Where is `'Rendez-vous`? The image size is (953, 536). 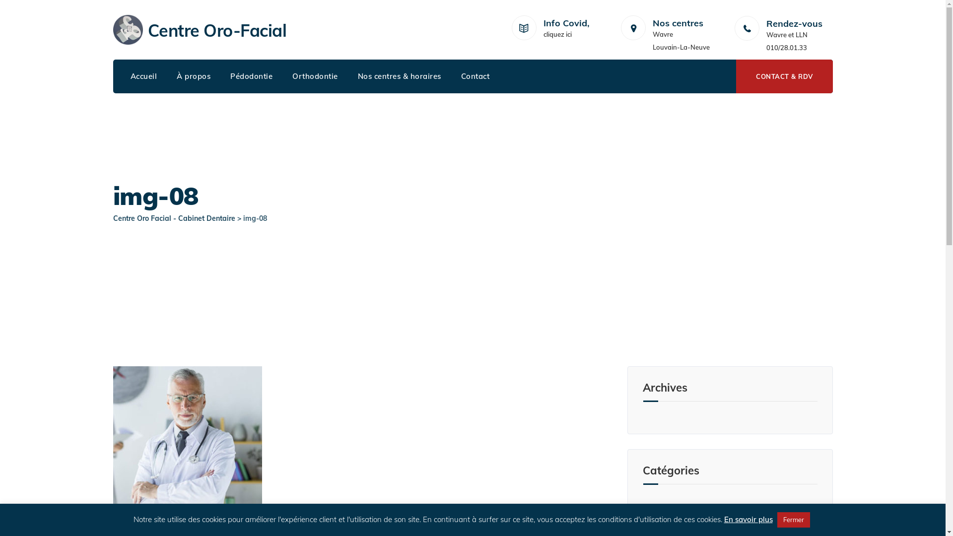 'Rendez-vous is located at coordinates (800, 36).